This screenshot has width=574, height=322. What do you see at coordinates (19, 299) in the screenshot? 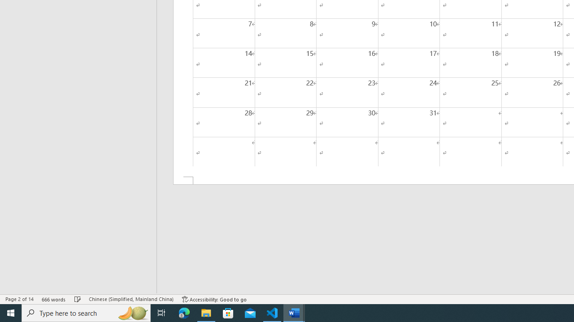
I see `'Page Number Page 2 of 14'` at bounding box center [19, 299].